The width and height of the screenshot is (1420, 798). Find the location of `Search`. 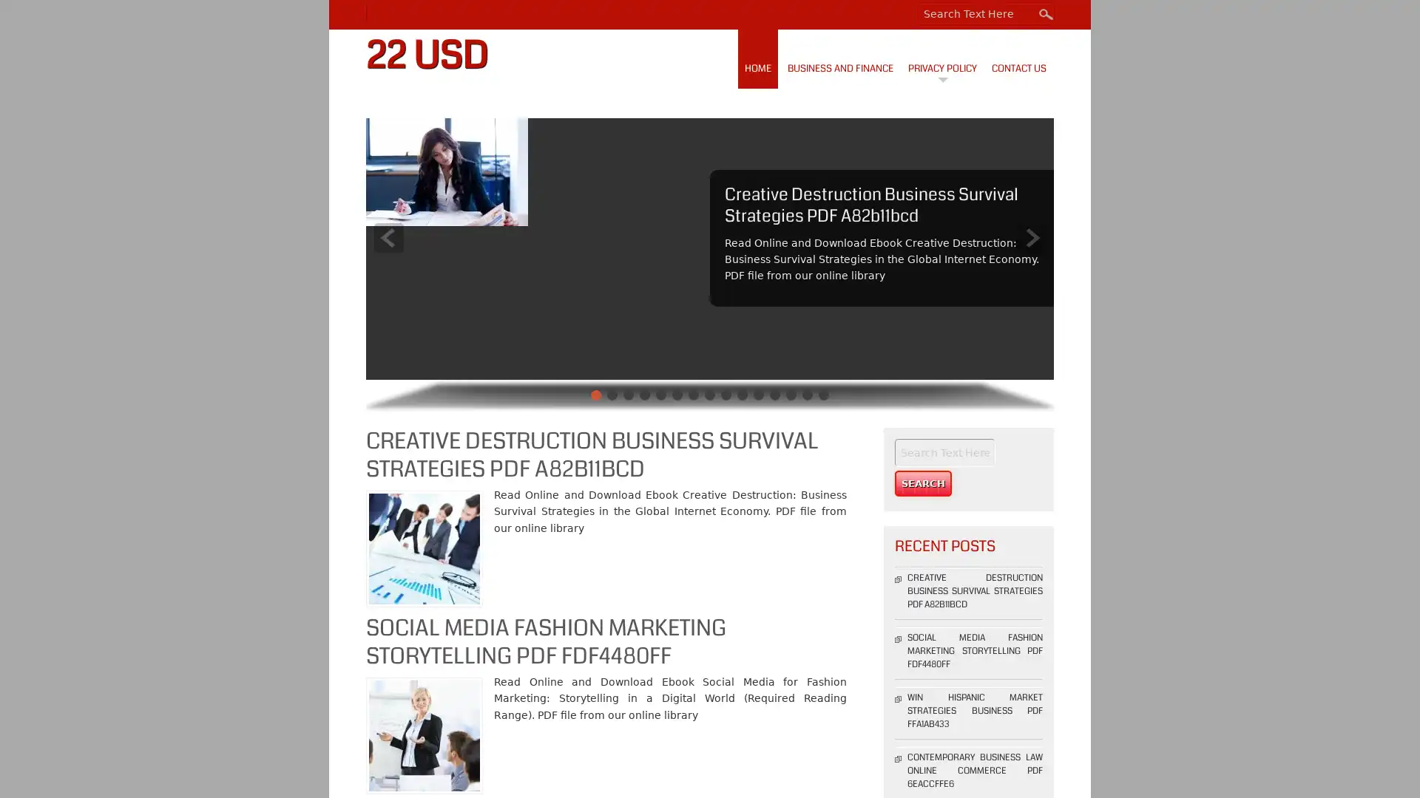

Search is located at coordinates (922, 483).